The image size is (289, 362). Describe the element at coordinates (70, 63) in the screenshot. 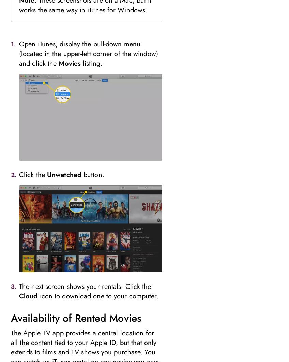

I see `'Movies'` at that location.